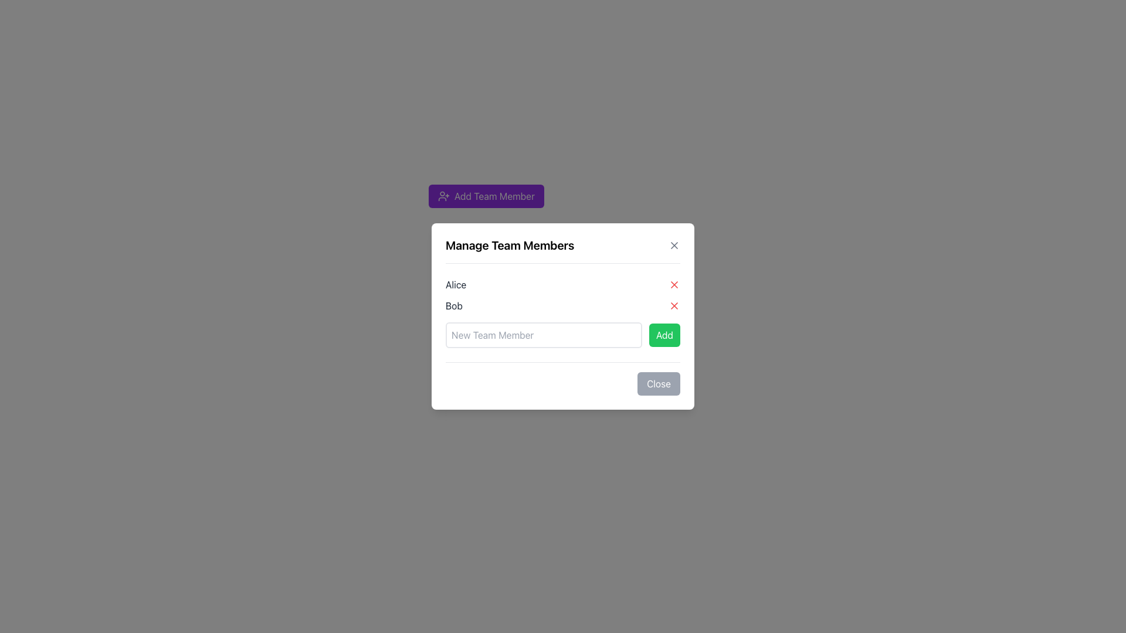 The width and height of the screenshot is (1126, 633). I want to click on the Text Label that serves as a heading for the modal indicating the purpose or content of managing team members, so click(563, 250).